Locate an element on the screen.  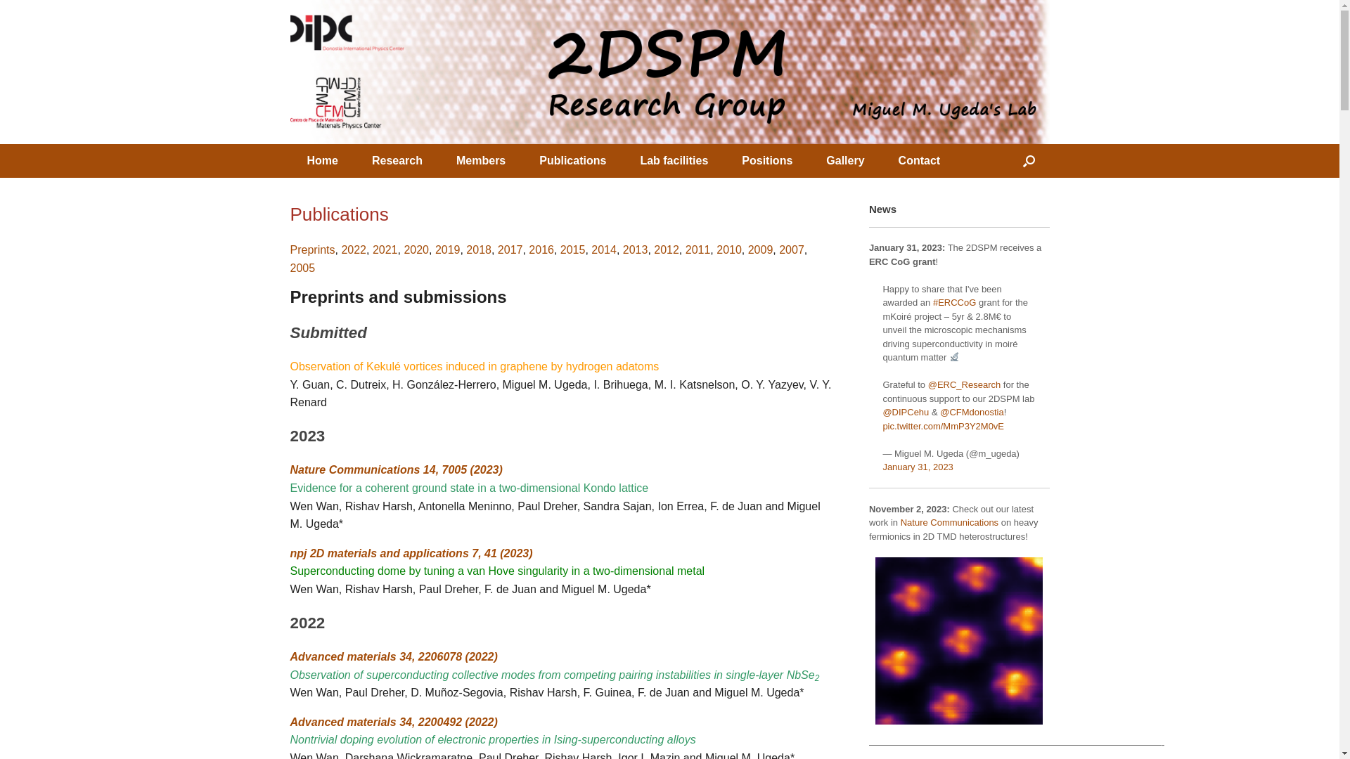
'2012' is located at coordinates (666, 249).